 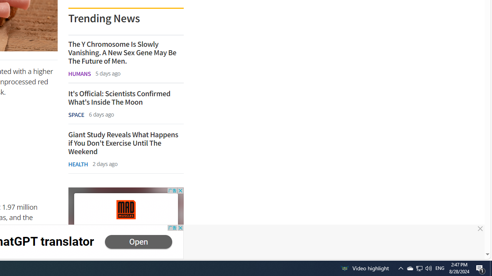 I want to click on 'HUMANS', so click(x=79, y=73).